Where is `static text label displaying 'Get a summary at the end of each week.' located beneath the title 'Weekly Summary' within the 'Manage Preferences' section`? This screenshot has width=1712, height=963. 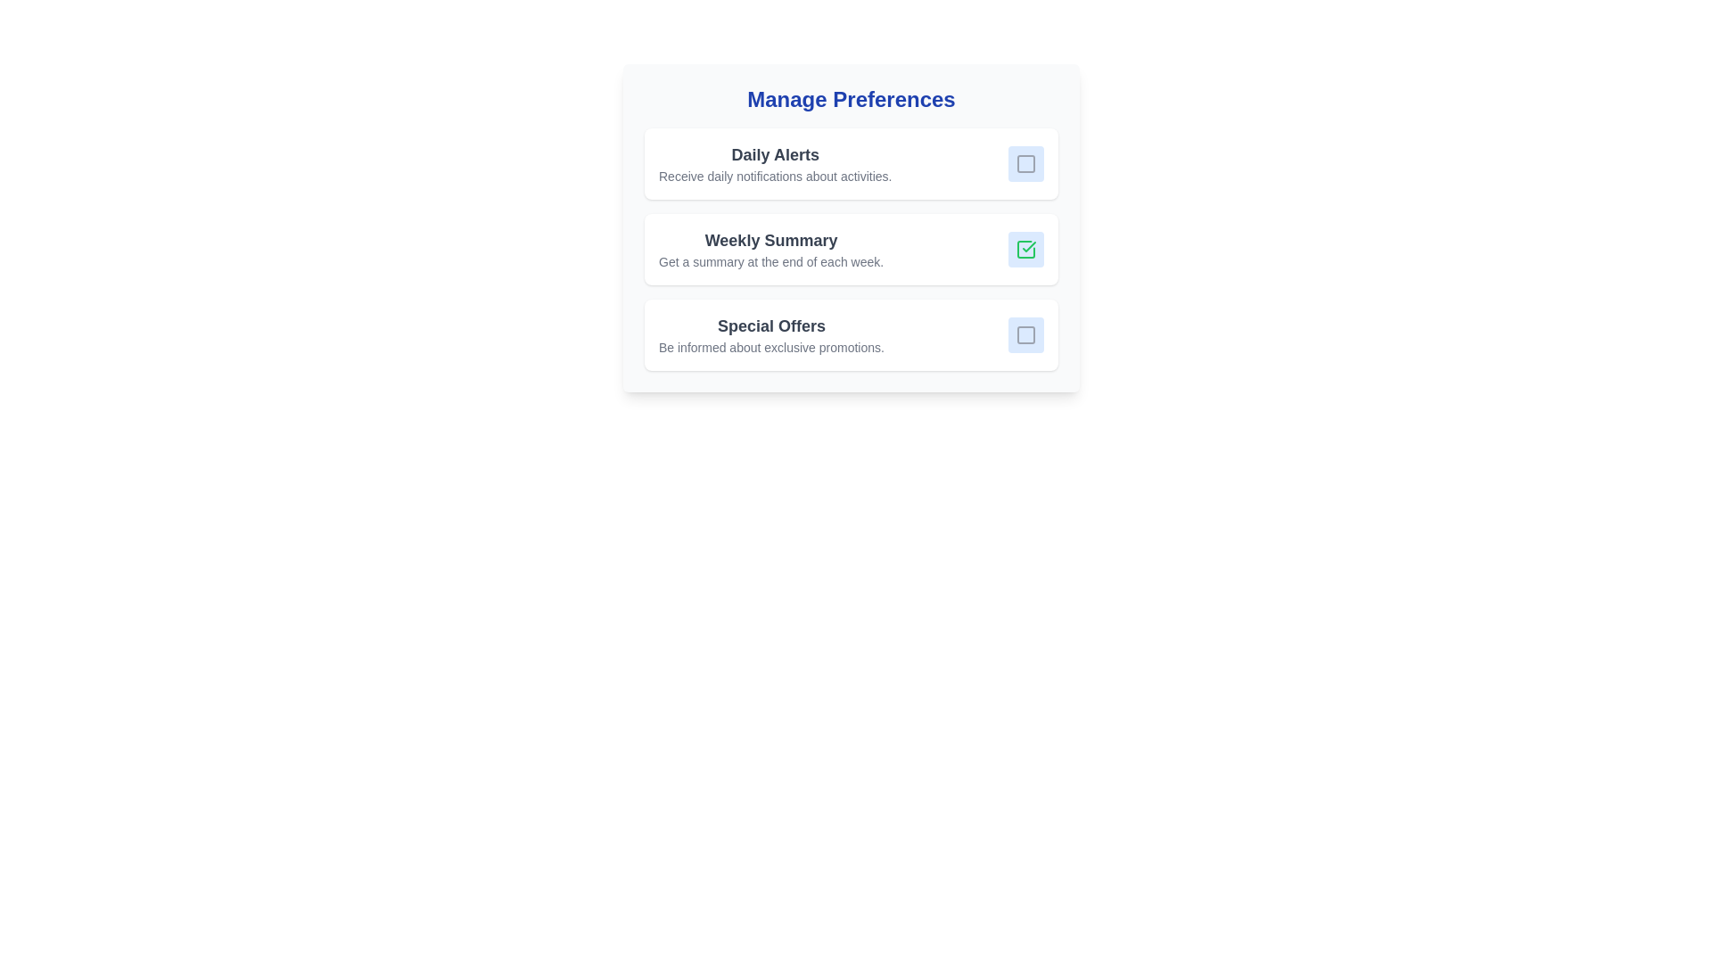 static text label displaying 'Get a summary at the end of each week.' located beneath the title 'Weekly Summary' within the 'Manage Preferences' section is located at coordinates (771, 261).